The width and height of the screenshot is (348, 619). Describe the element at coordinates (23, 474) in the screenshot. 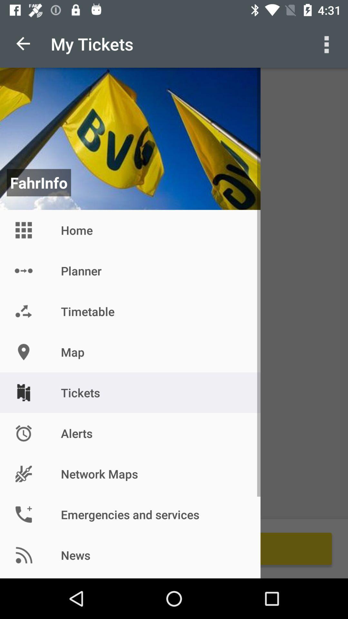

I see `the icon beside the network maps` at that location.